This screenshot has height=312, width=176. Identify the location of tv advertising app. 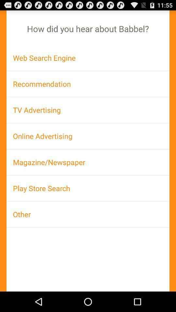
(88, 110).